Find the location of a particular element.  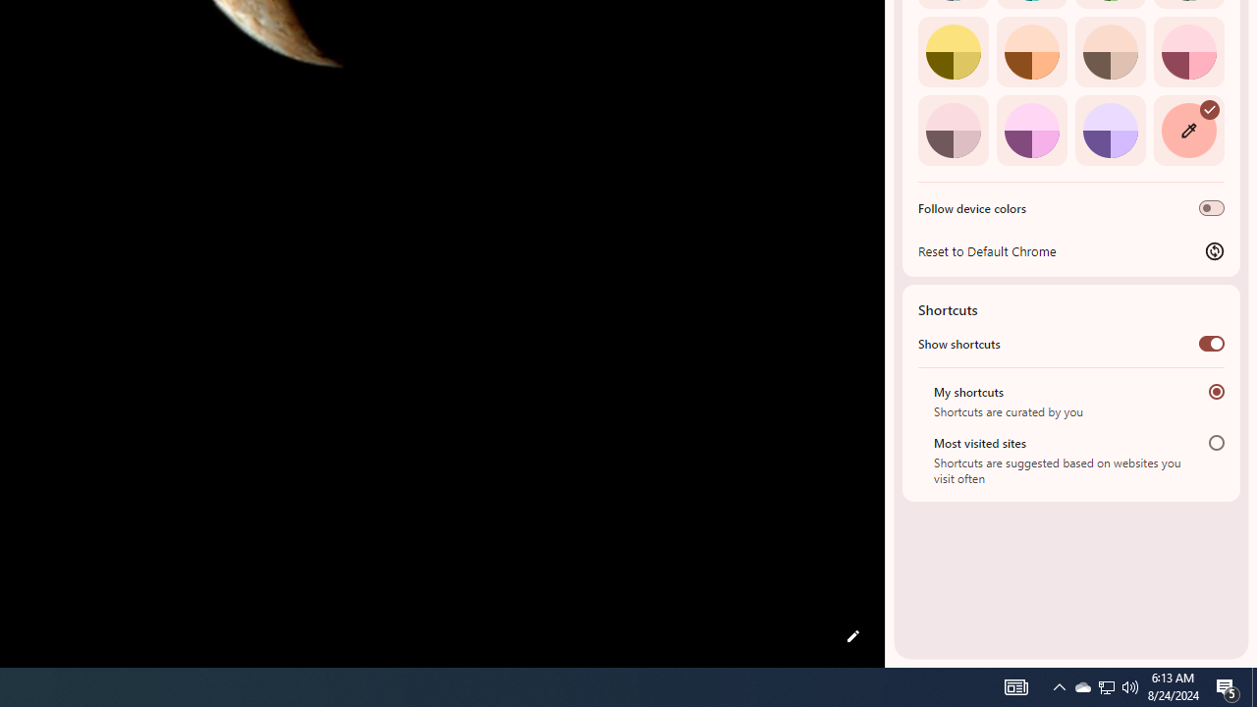

'Pink' is located at coordinates (953, 130).